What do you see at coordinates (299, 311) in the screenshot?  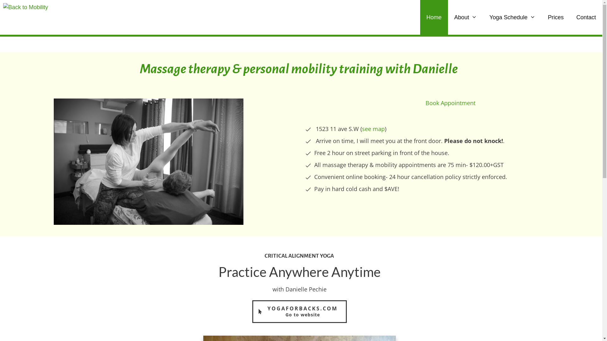 I see `'YOGAFORBACKS.COM` at bounding box center [299, 311].